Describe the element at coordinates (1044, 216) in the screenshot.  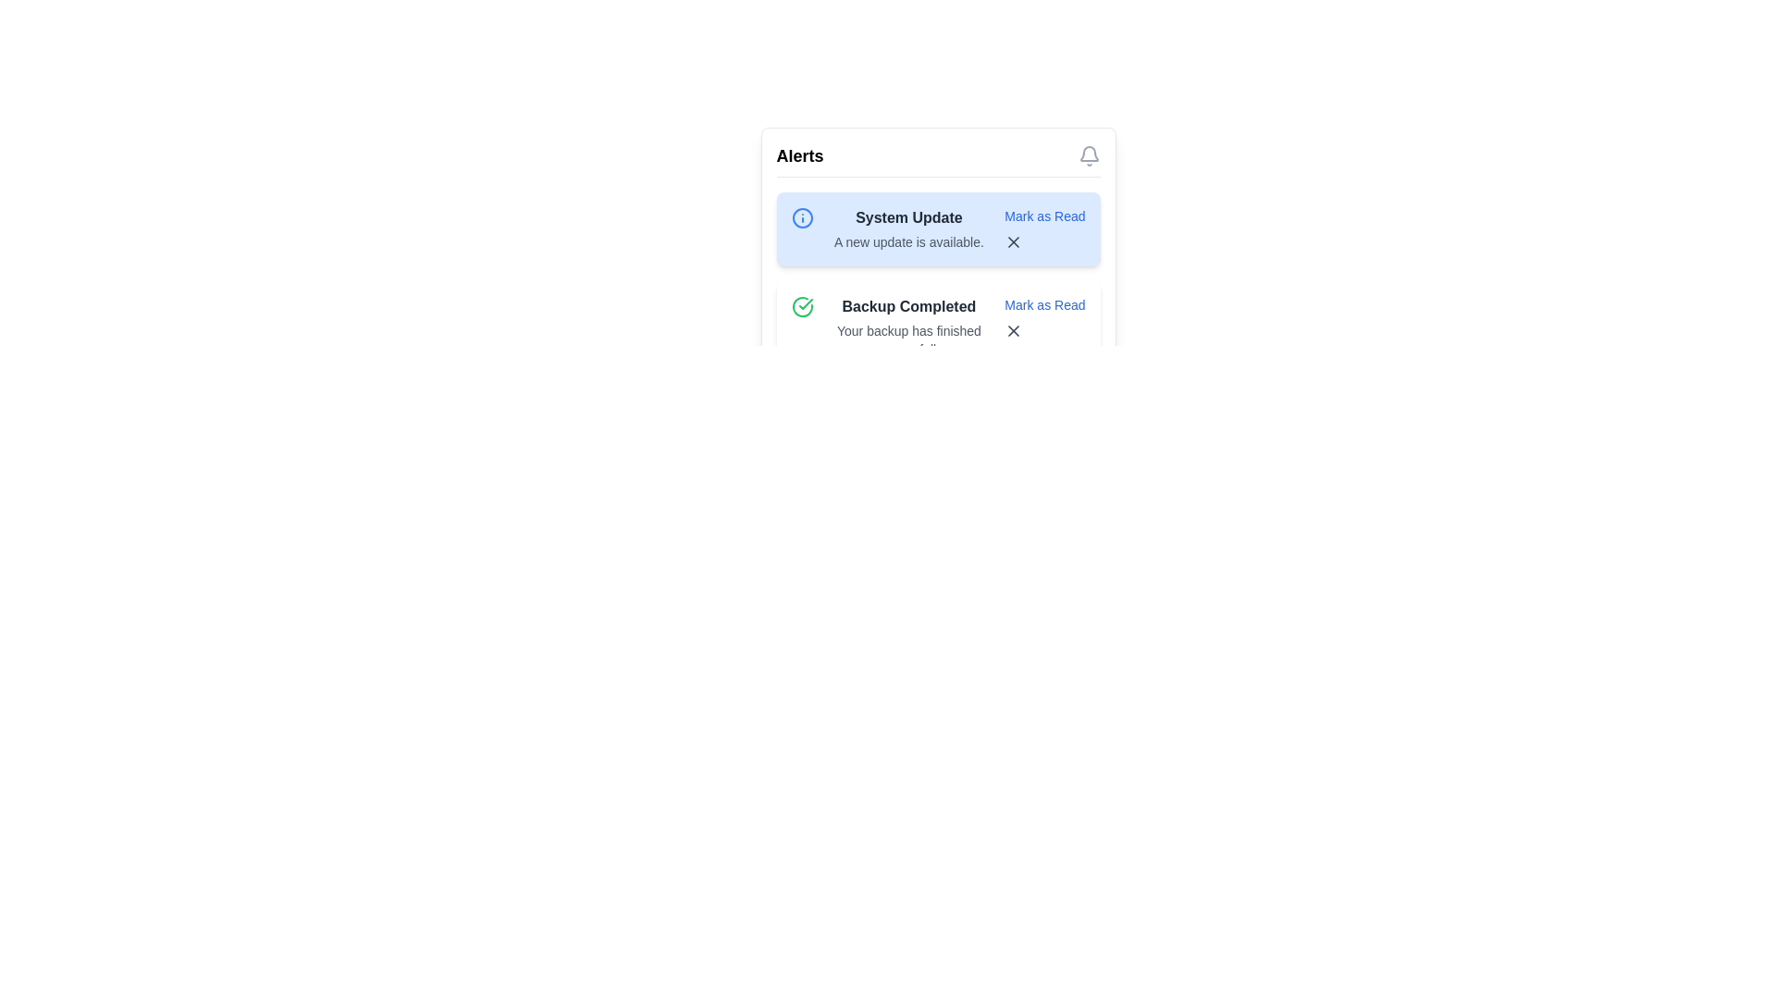
I see `the interactive link that allows users to mark an alert as read, located to the right of the 'System Update' text` at that location.